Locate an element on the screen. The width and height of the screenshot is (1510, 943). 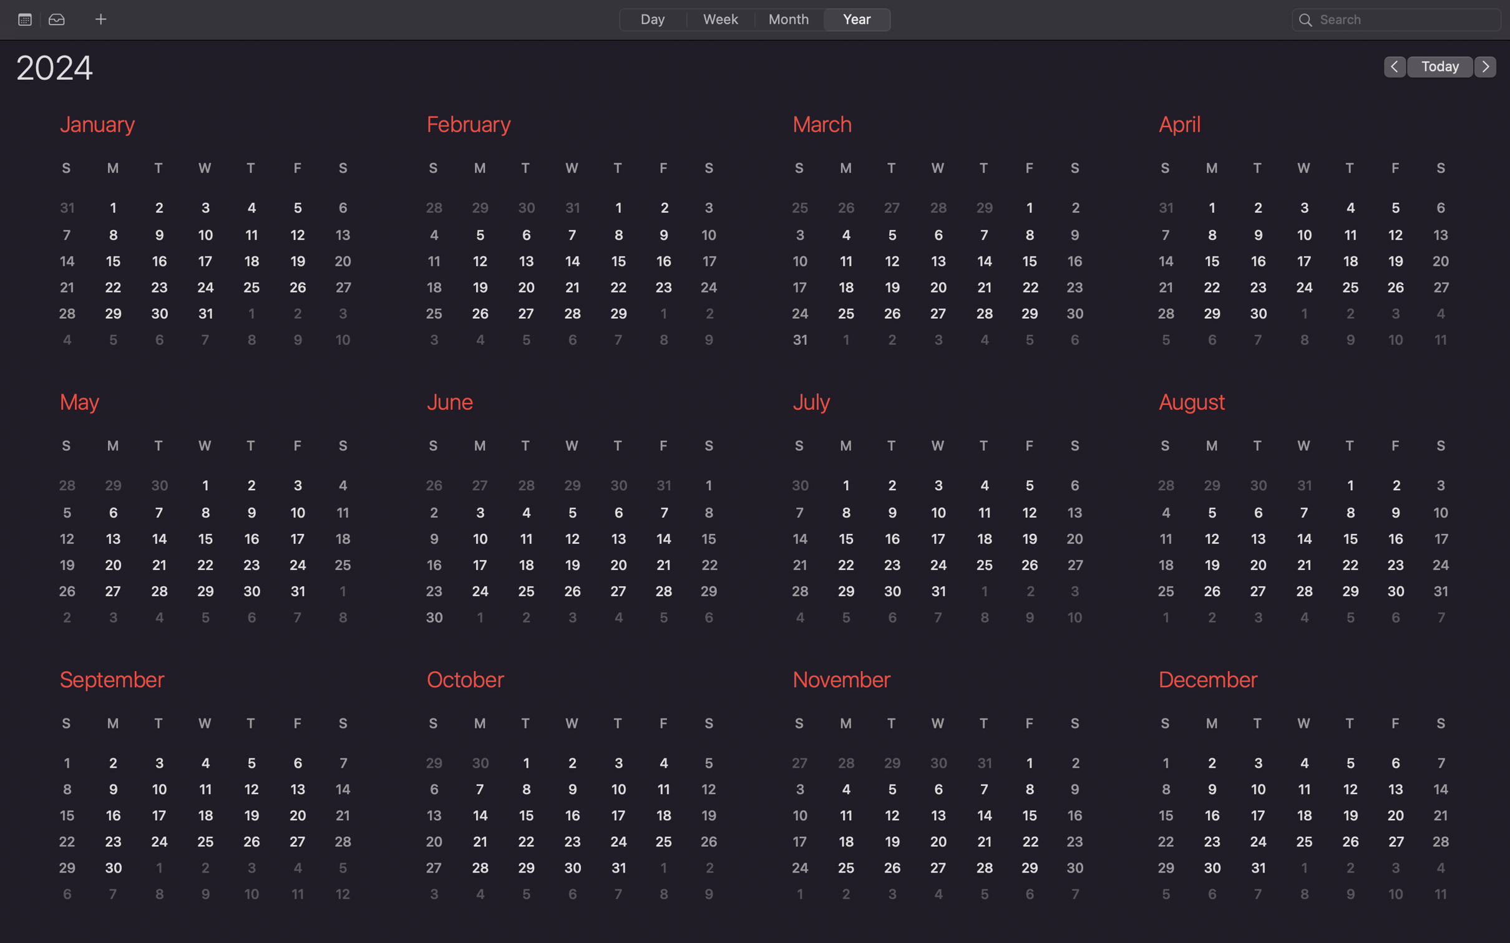
Enlarge the March section on the calendar by selecting it is located at coordinates (930, 240).